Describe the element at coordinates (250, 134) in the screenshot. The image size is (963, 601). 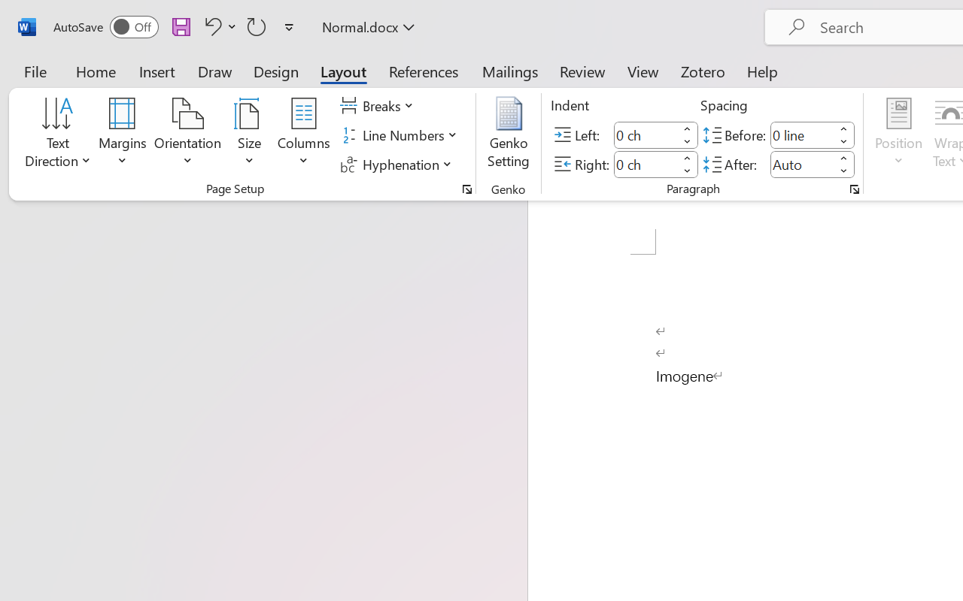
I see `'Size'` at that location.